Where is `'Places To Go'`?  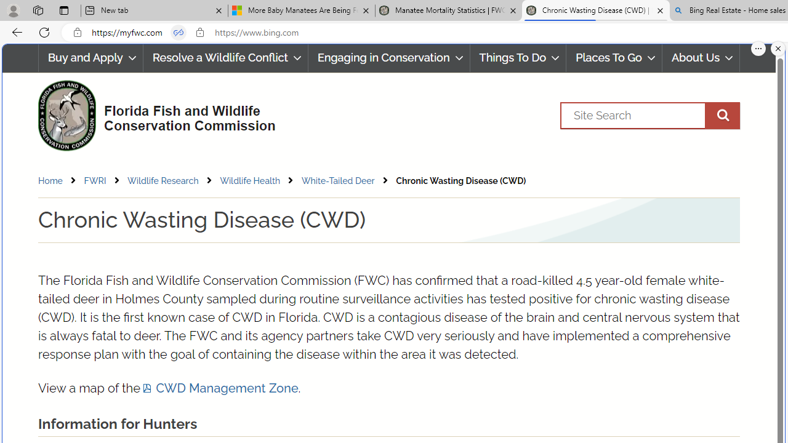
'Places To Go' is located at coordinates (614, 58).